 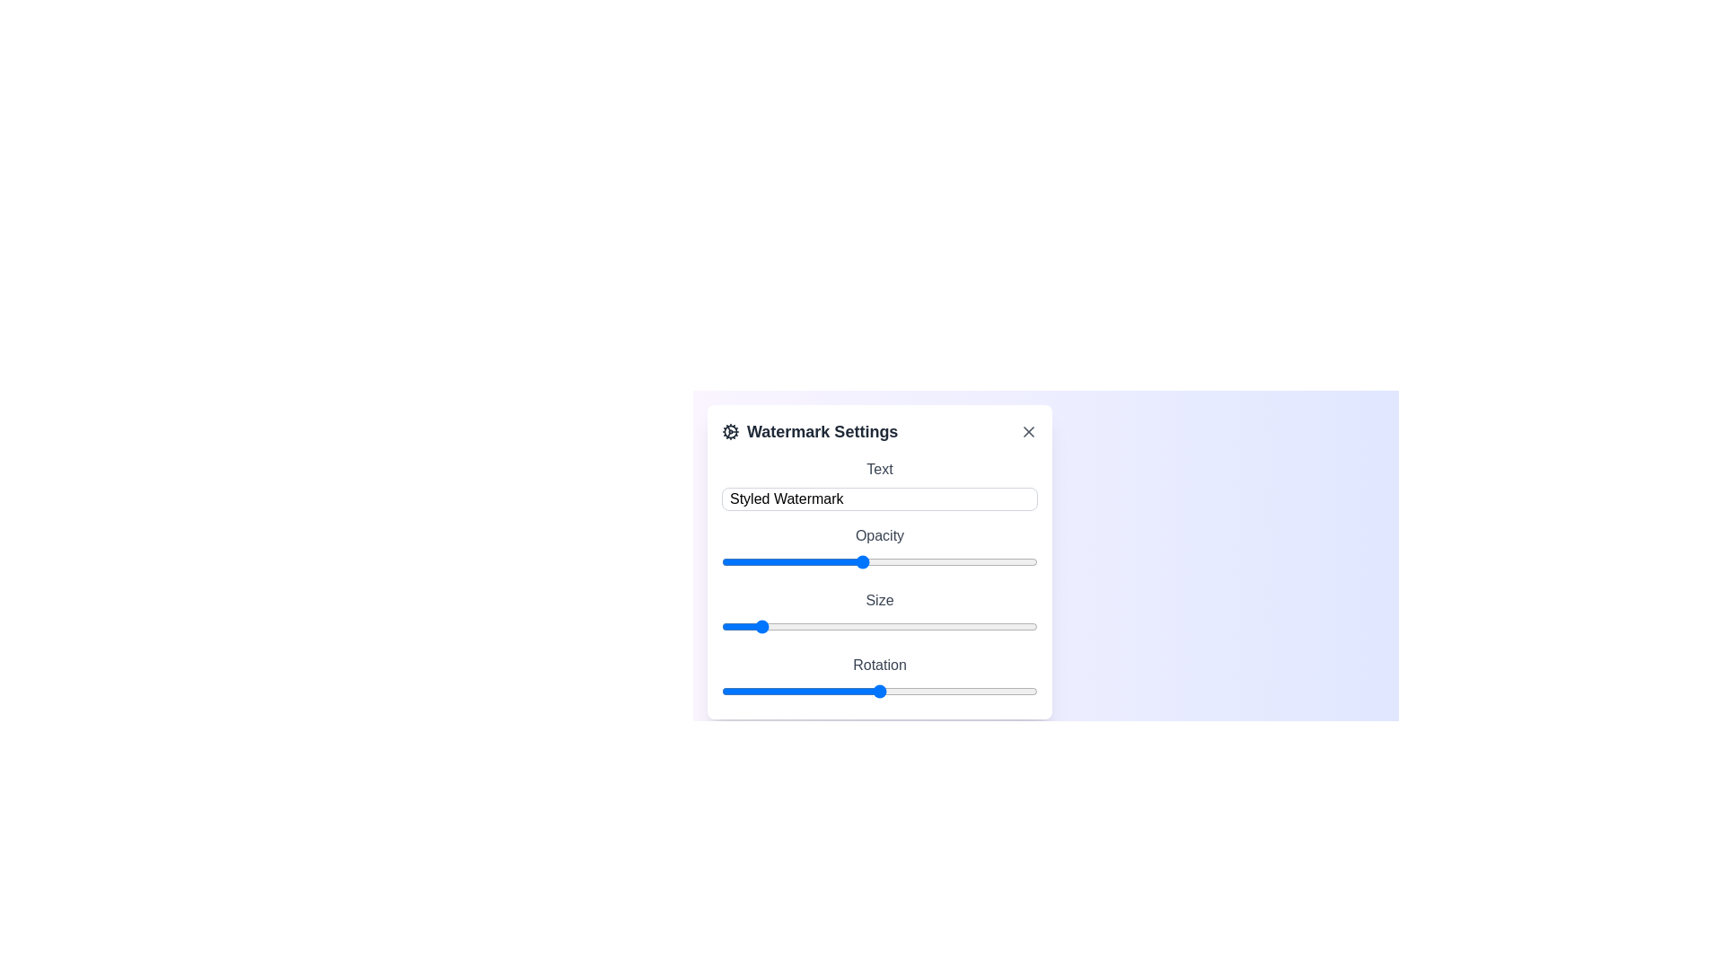 What do you see at coordinates (901, 691) in the screenshot?
I see `rotation` at bounding box center [901, 691].